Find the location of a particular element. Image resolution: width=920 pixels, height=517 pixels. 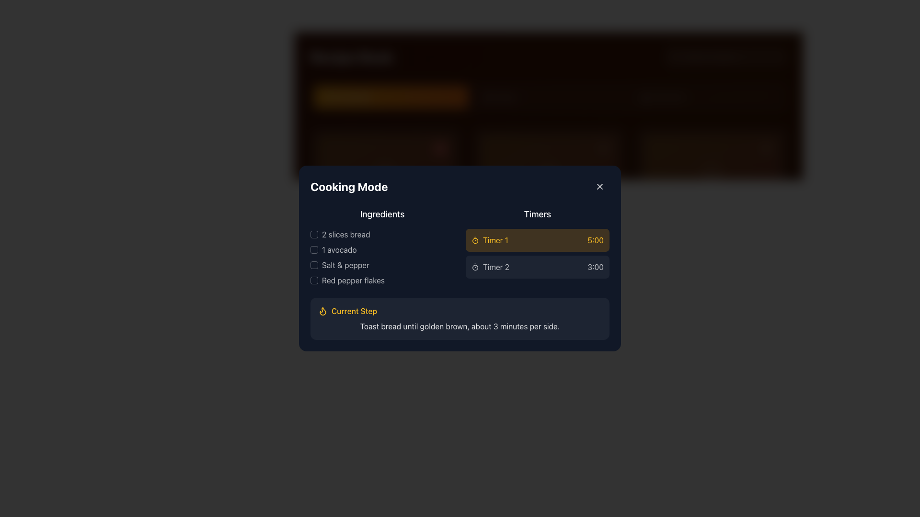

the small green label with the text 'Easy', which is located in the lower portion of the card element, centered below the time and servings details is located at coordinates (330, 258).